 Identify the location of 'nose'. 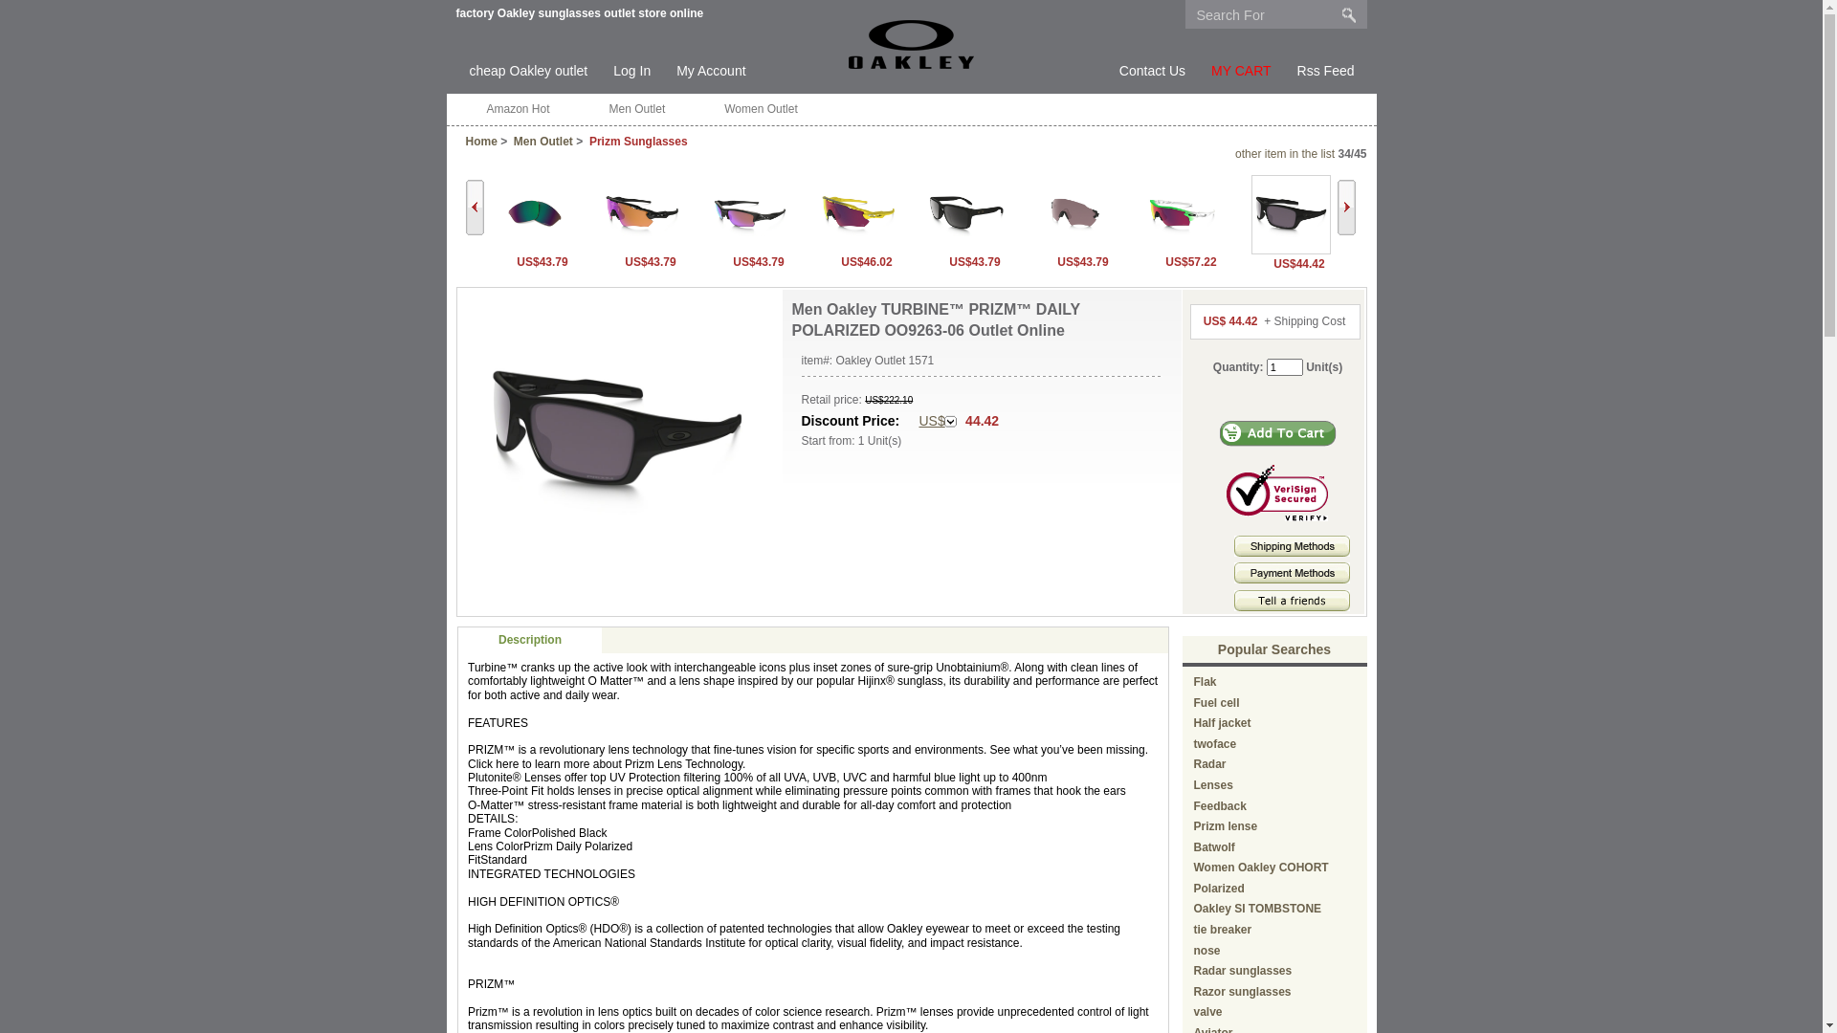
(1206, 951).